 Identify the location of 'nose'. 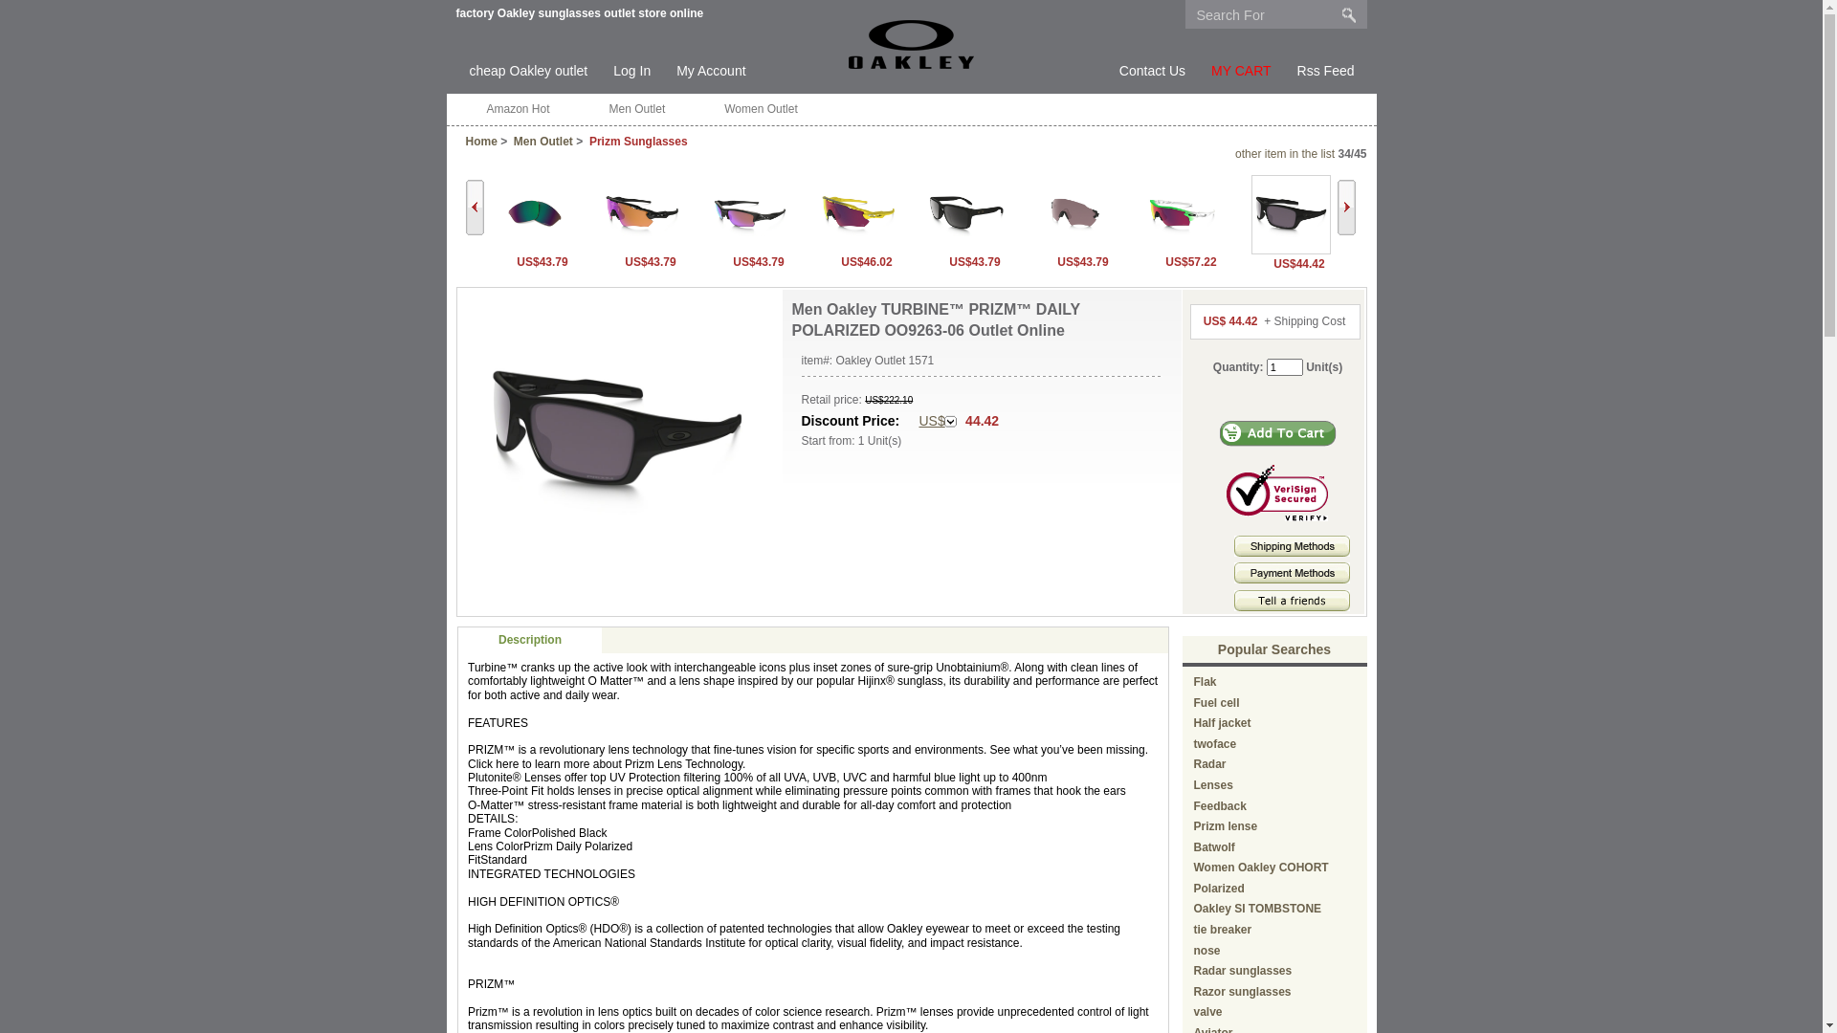
(1206, 951).